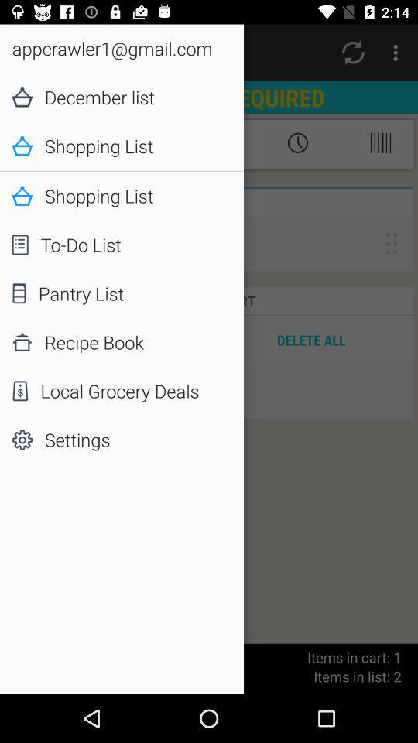 The image size is (418, 743). Describe the element at coordinates (298, 142) in the screenshot. I see `the timer symbol which is beside to  shopping list` at that location.